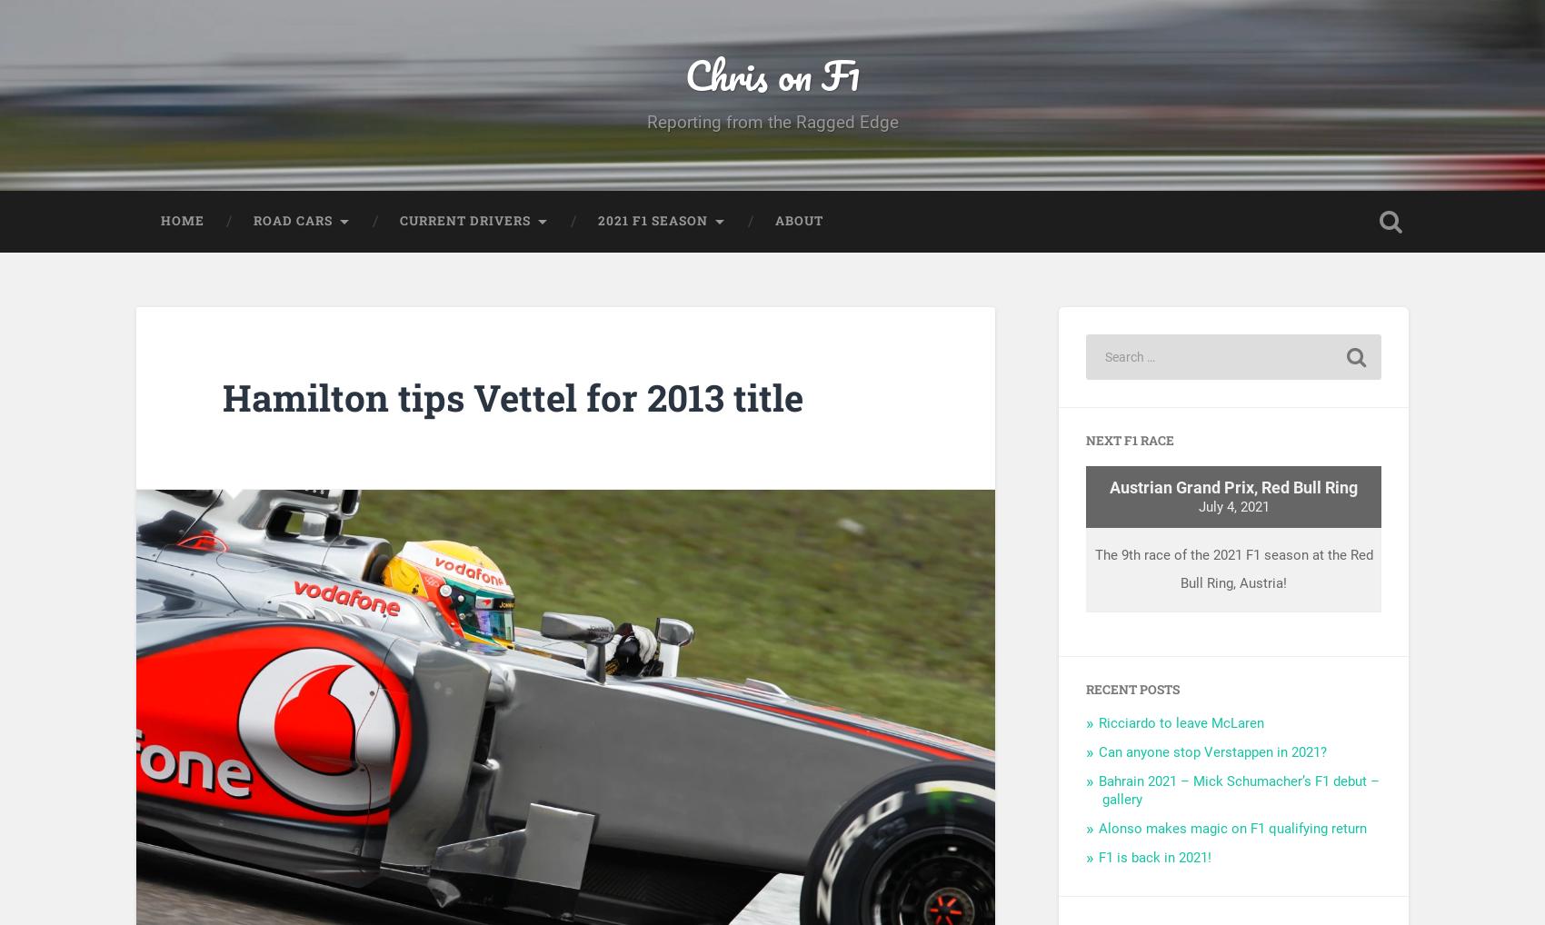  Describe the element at coordinates (1131, 701) in the screenshot. I see `'Recent Posts'` at that location.